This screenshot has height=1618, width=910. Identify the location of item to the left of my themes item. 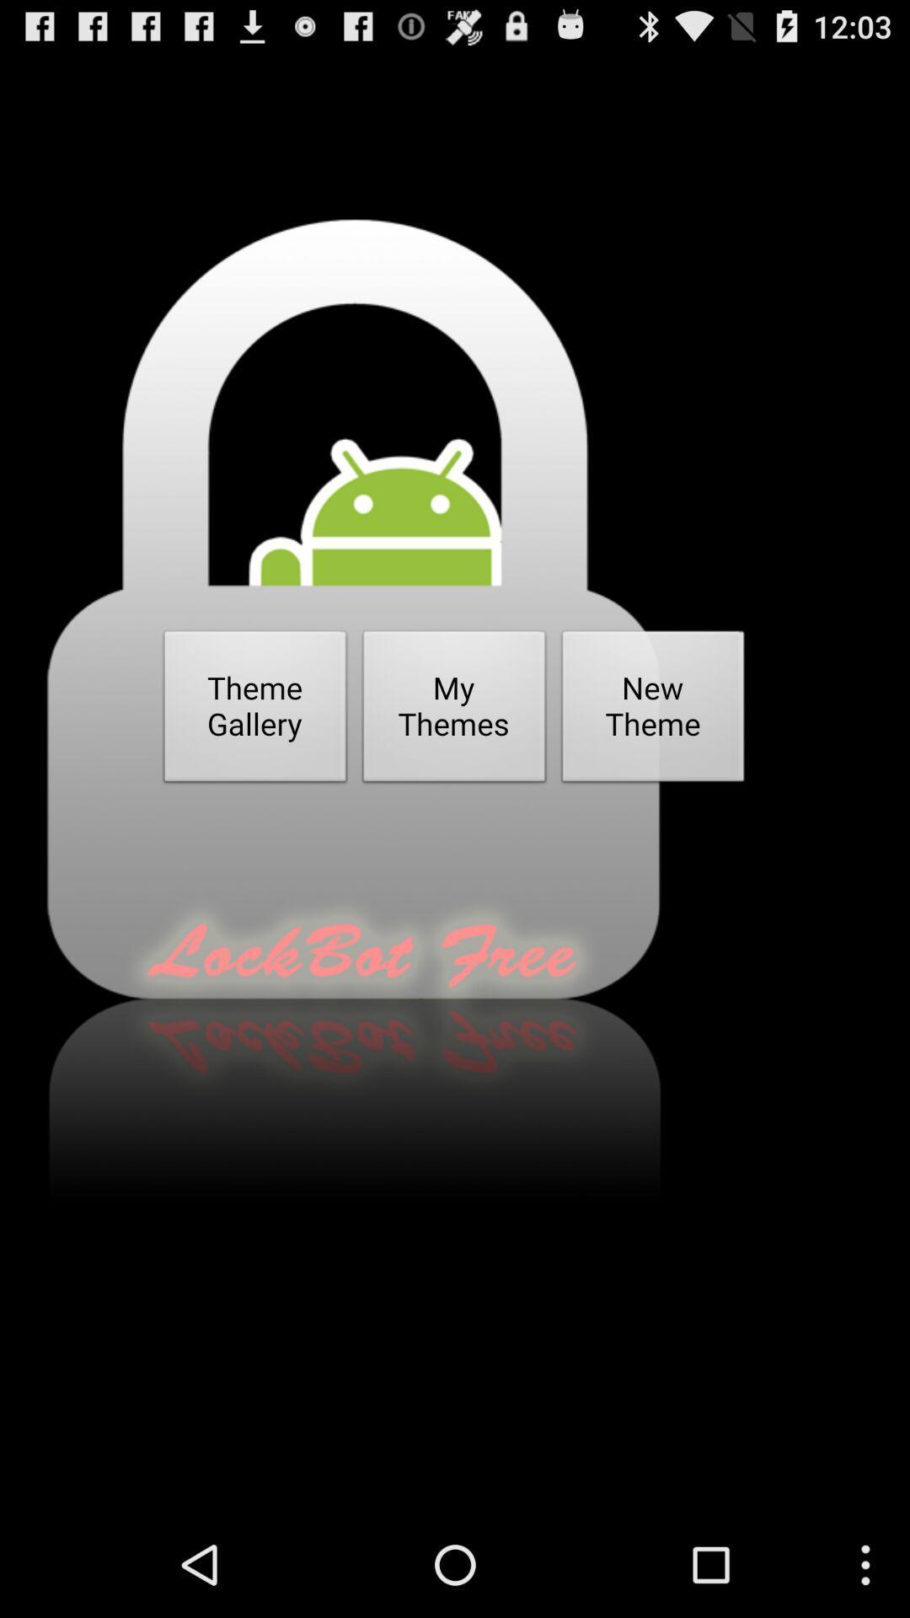
(255, 711).